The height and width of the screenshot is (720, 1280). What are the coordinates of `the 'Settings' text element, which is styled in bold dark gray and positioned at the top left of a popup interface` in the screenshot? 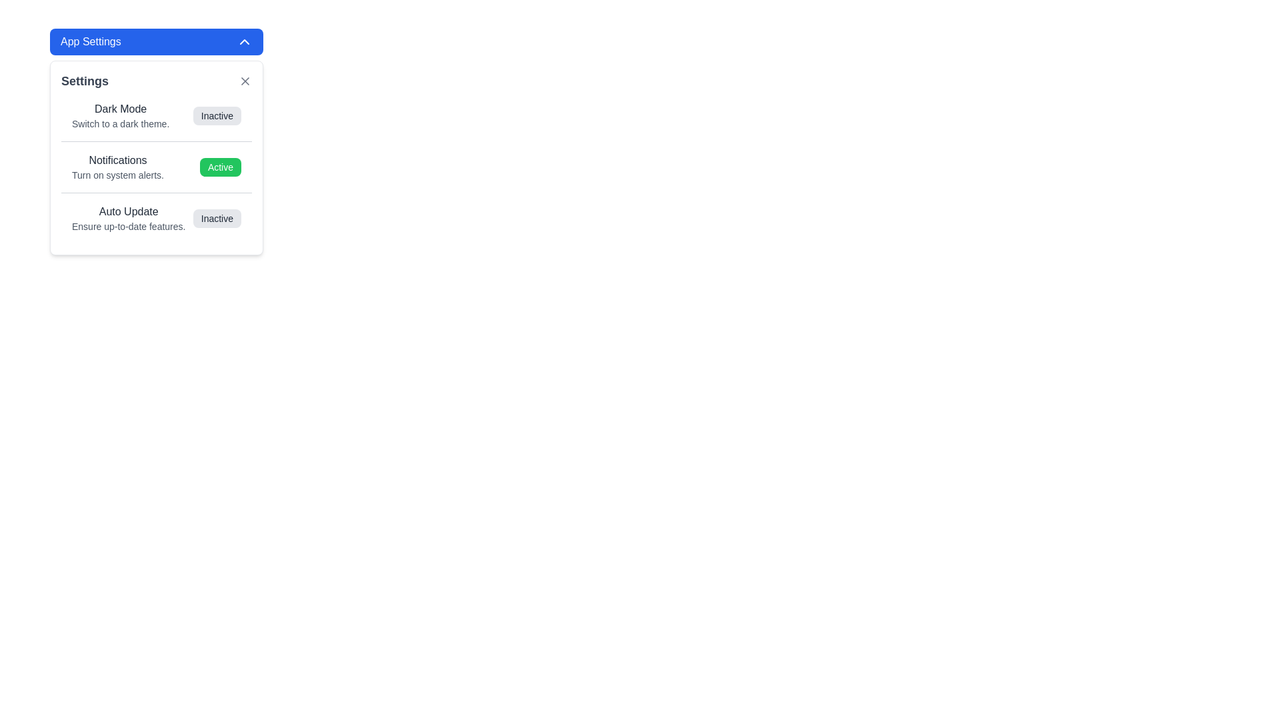 It's located at (84, 81).